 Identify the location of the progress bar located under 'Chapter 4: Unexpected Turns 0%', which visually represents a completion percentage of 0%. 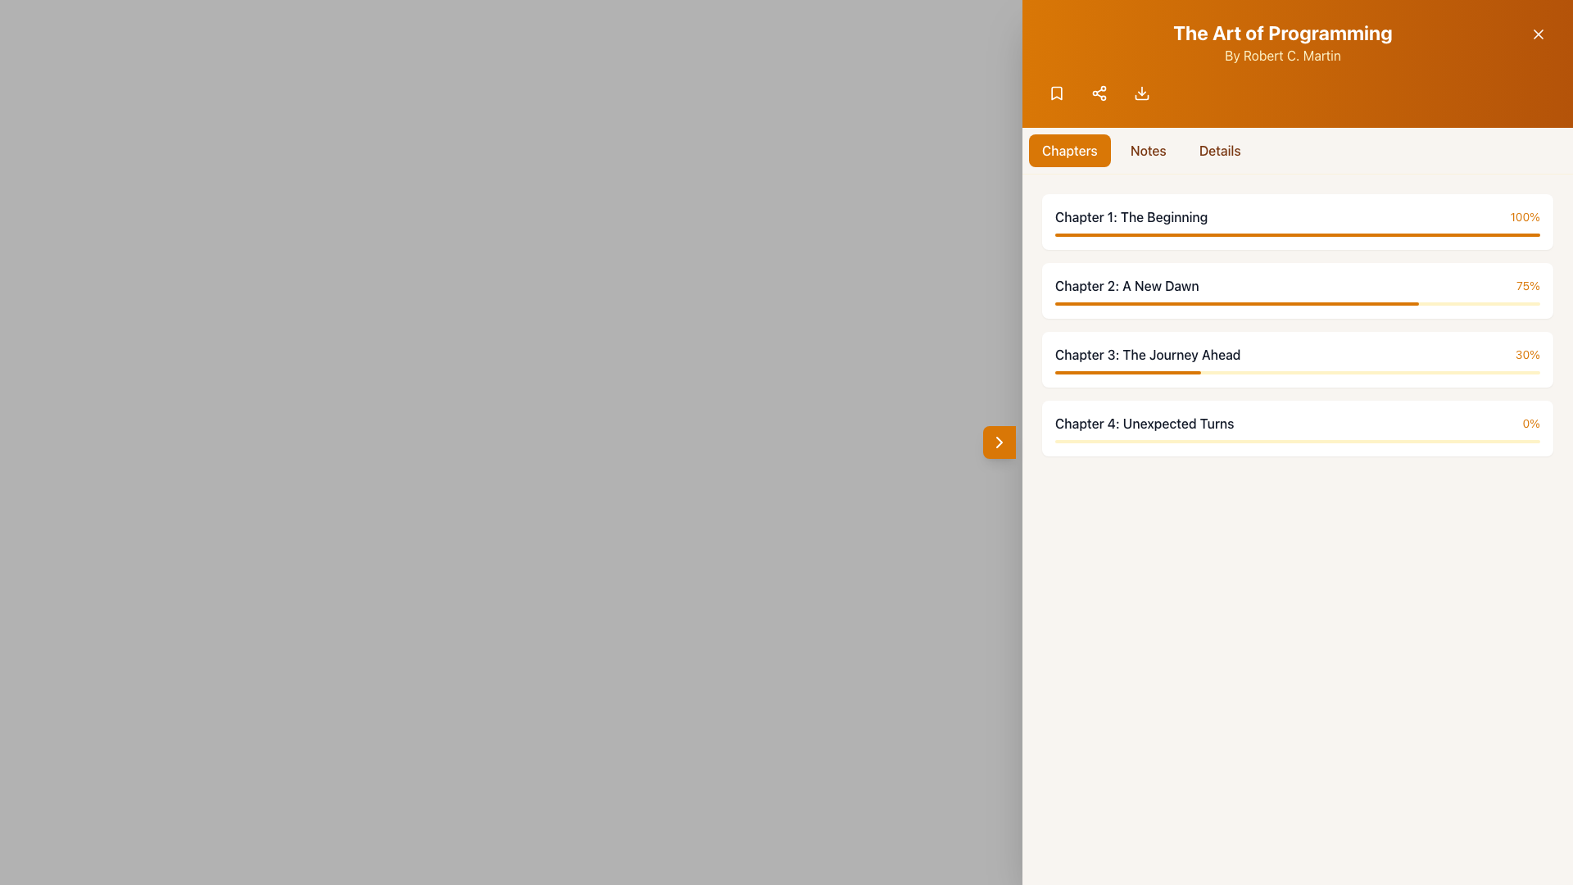
(1297, 441).